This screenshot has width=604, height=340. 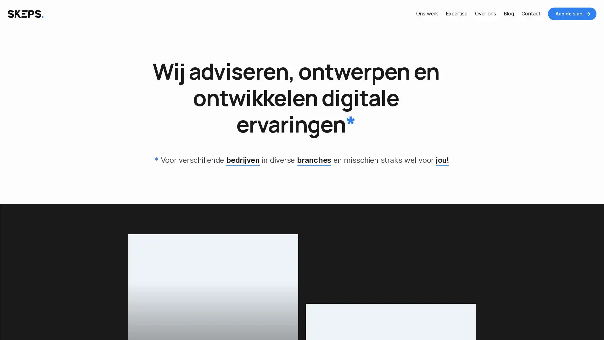 I want to click on Aan de slag, so click(x=572, y=14).